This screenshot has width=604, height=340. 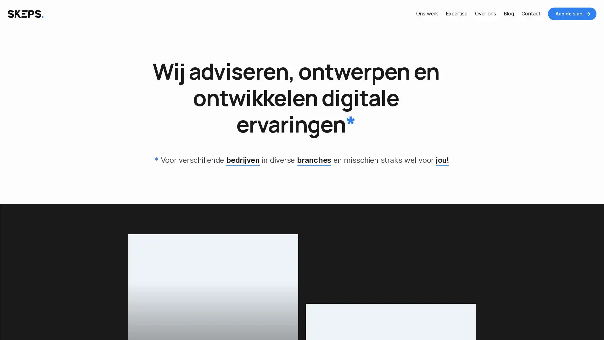 I want to click on Aan de slag, so click(x=572, y=14).